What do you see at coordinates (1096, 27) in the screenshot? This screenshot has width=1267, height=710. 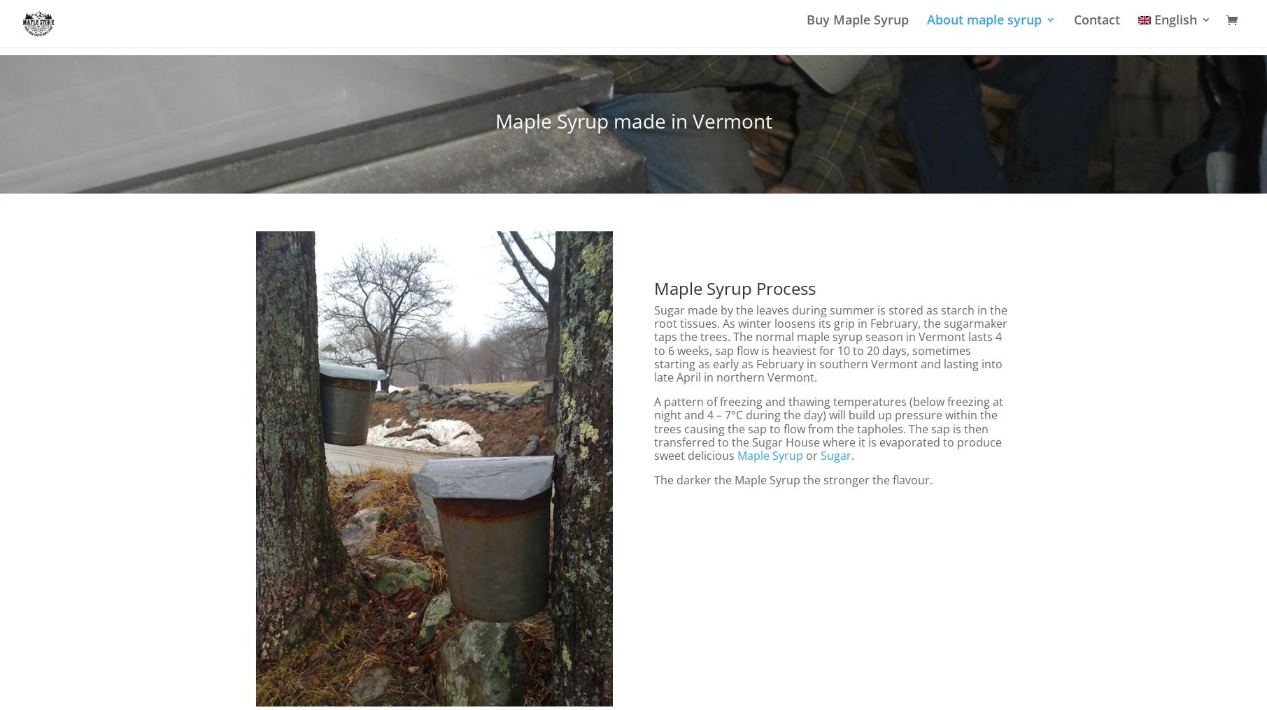 I see `'Contact'` at bounding box center [1096, 27].